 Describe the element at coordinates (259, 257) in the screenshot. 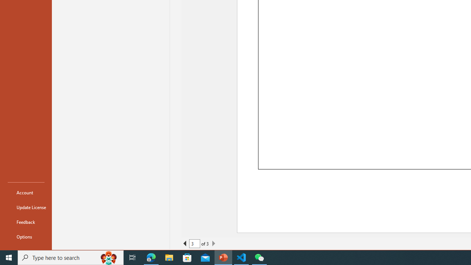

I see `'WeChat - 1 running window'` at that location.